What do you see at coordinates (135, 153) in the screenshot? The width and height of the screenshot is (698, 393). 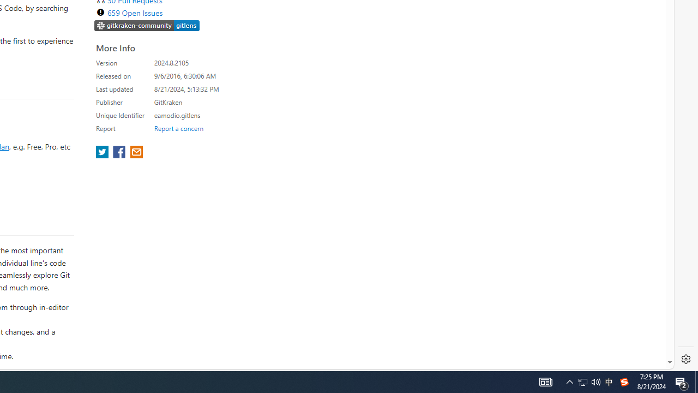 I see `'share extension on email'` at bounding box center [135, 153].